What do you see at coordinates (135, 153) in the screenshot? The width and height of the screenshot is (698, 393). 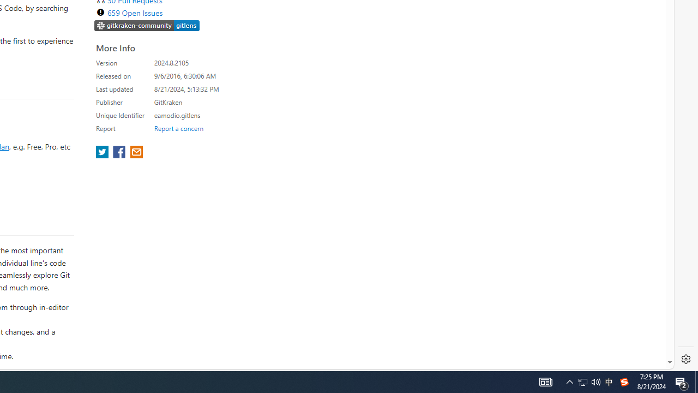 I see `'share extension on email'` at bounding box center [135, 153].